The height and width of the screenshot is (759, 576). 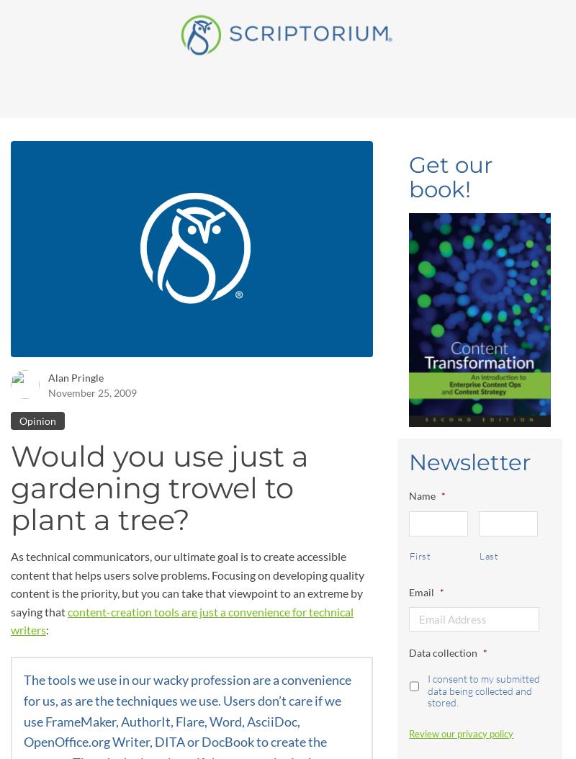 I want to click on 'C. Bollinger', so click(x=136, y=302).